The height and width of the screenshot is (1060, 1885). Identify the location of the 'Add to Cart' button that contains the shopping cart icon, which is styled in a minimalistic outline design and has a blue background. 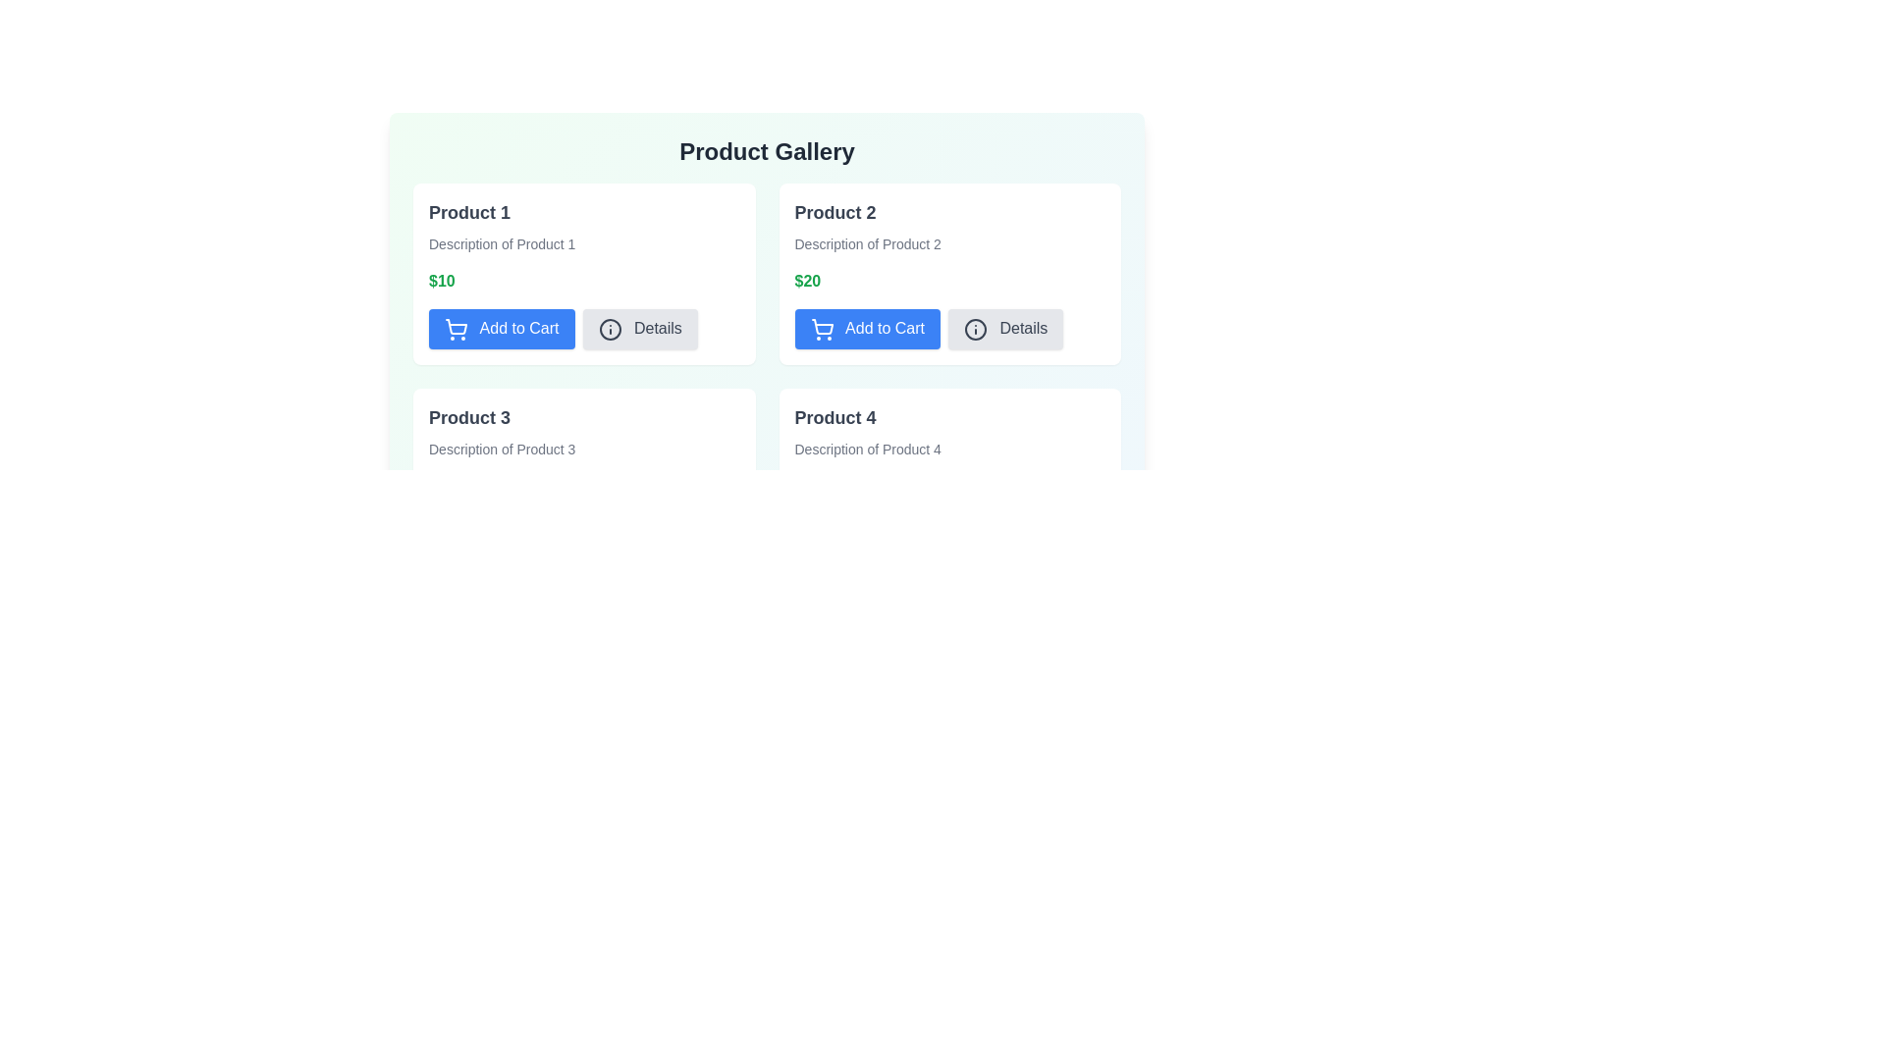
(822, 328).